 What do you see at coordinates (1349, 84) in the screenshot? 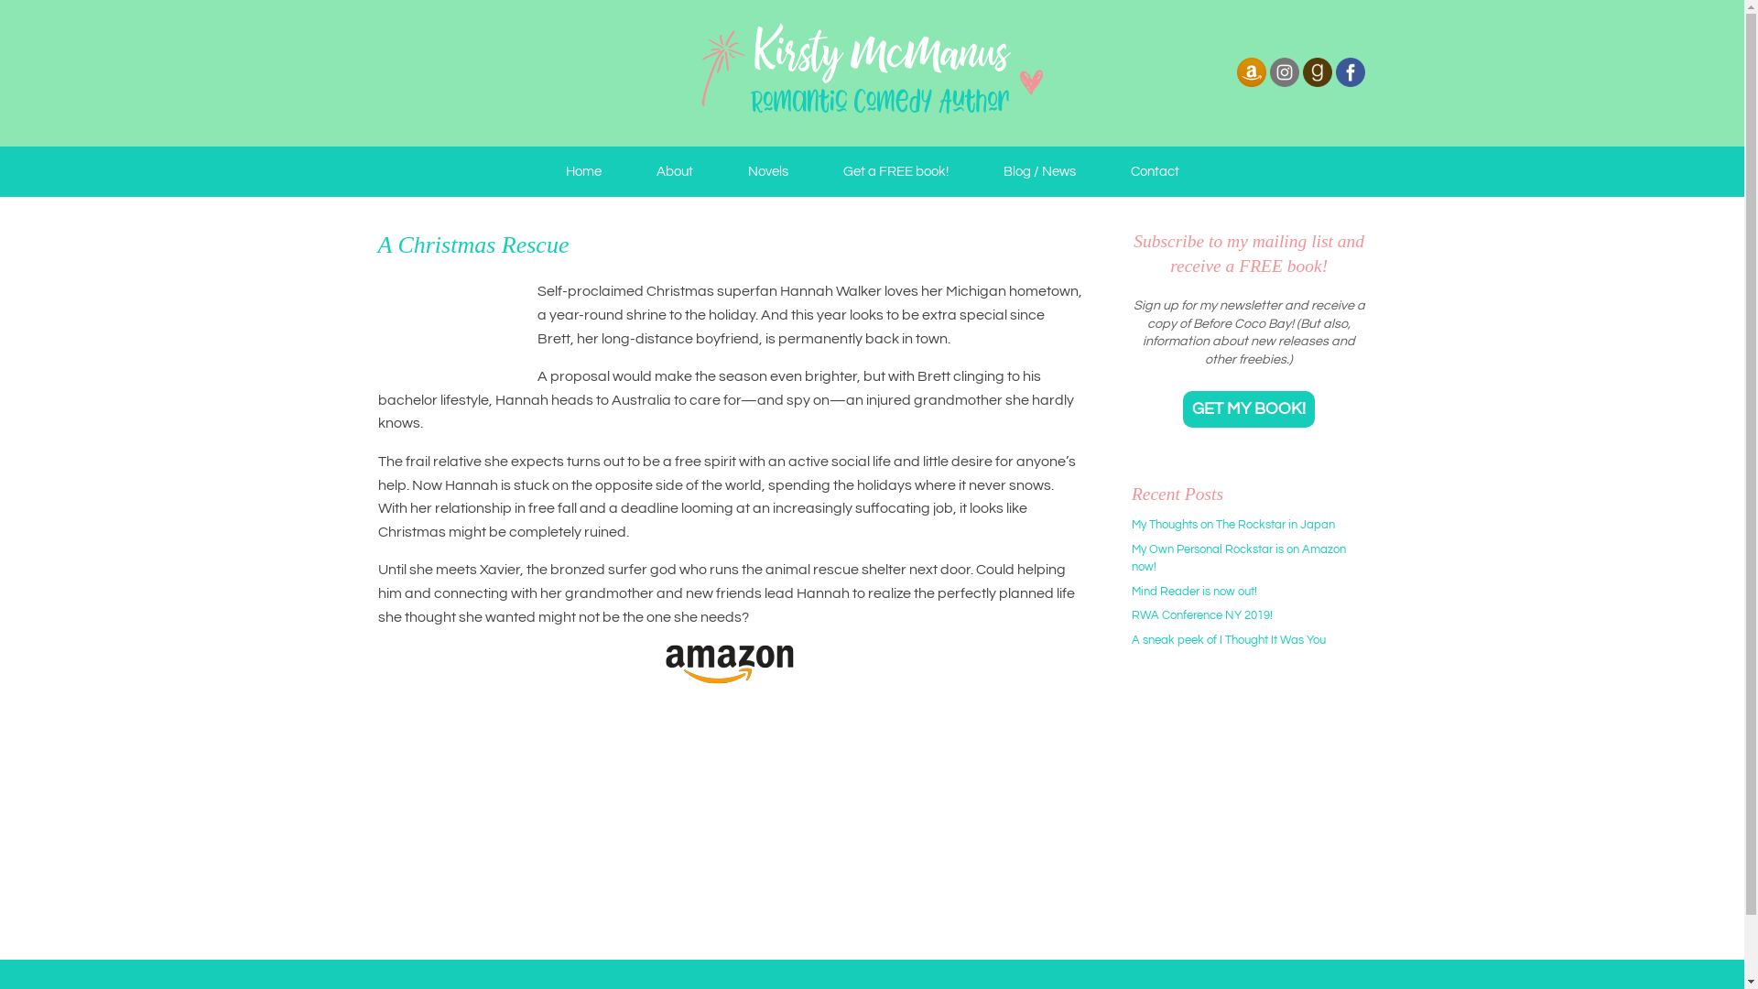
I see `'Facebook'` at bounding box center [1349, 84].